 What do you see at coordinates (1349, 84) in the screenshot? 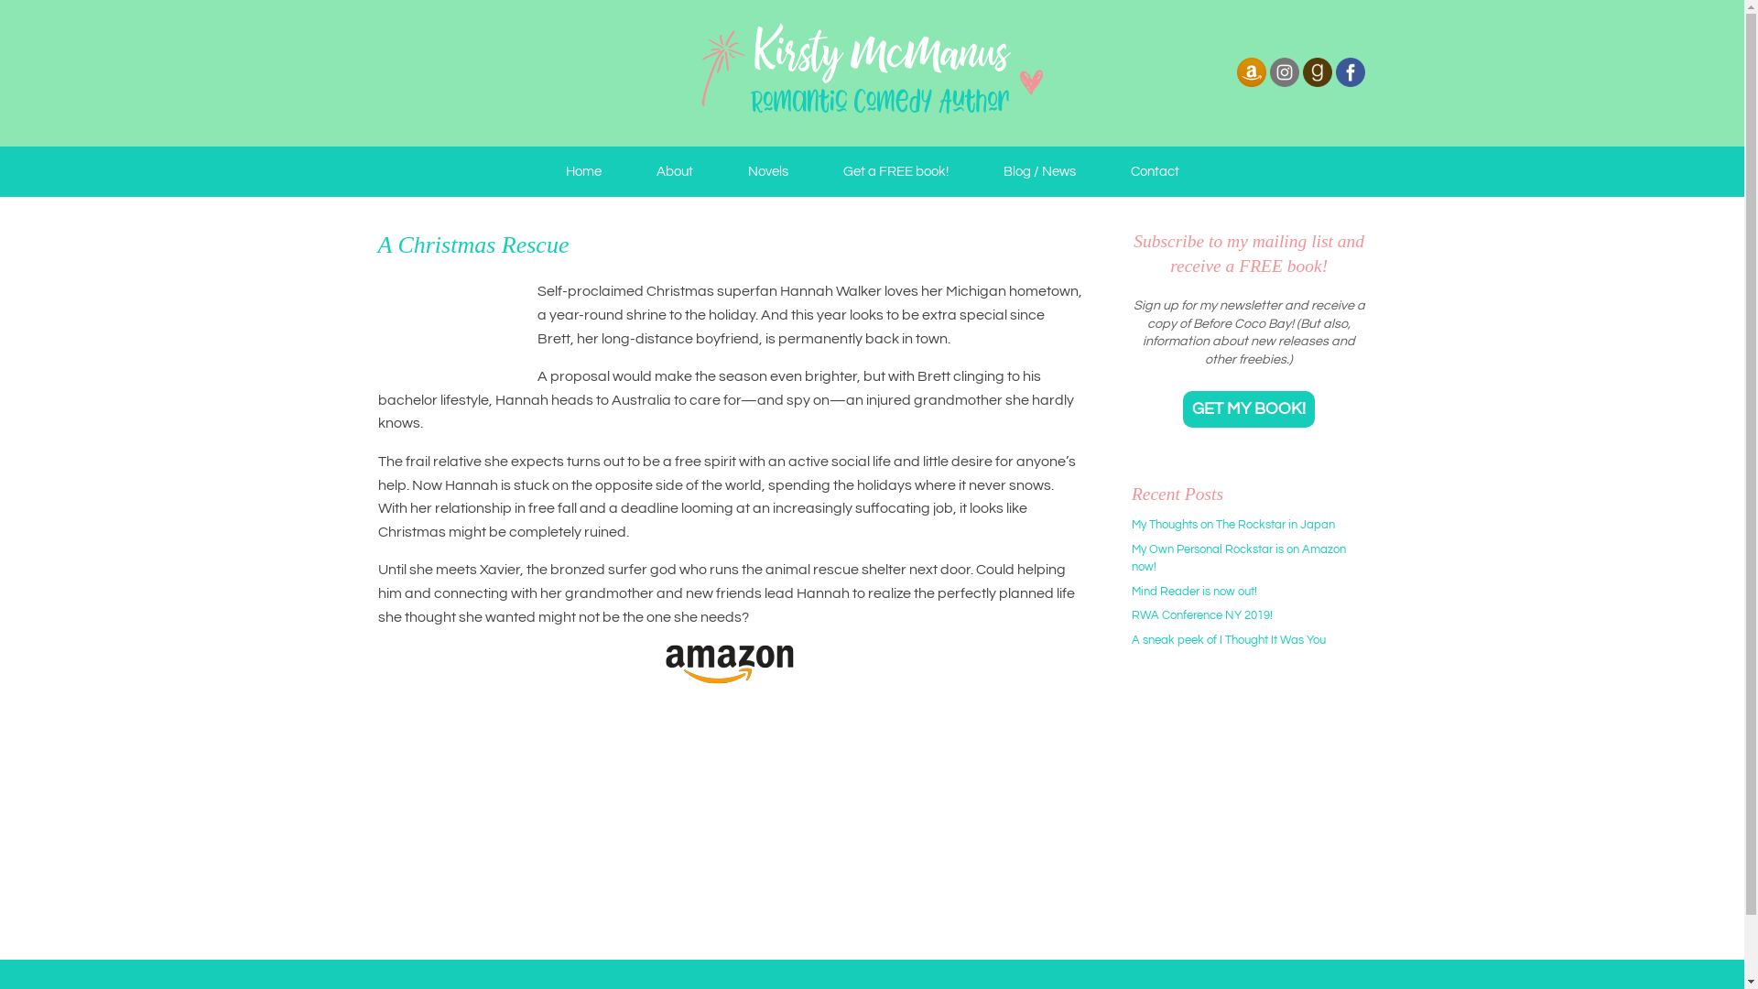
I see `'Facebook'` at bounding box center [1349, 84].